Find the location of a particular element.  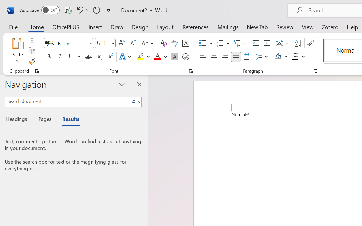

'Asian Layout' is located at coordinates (283, 43).